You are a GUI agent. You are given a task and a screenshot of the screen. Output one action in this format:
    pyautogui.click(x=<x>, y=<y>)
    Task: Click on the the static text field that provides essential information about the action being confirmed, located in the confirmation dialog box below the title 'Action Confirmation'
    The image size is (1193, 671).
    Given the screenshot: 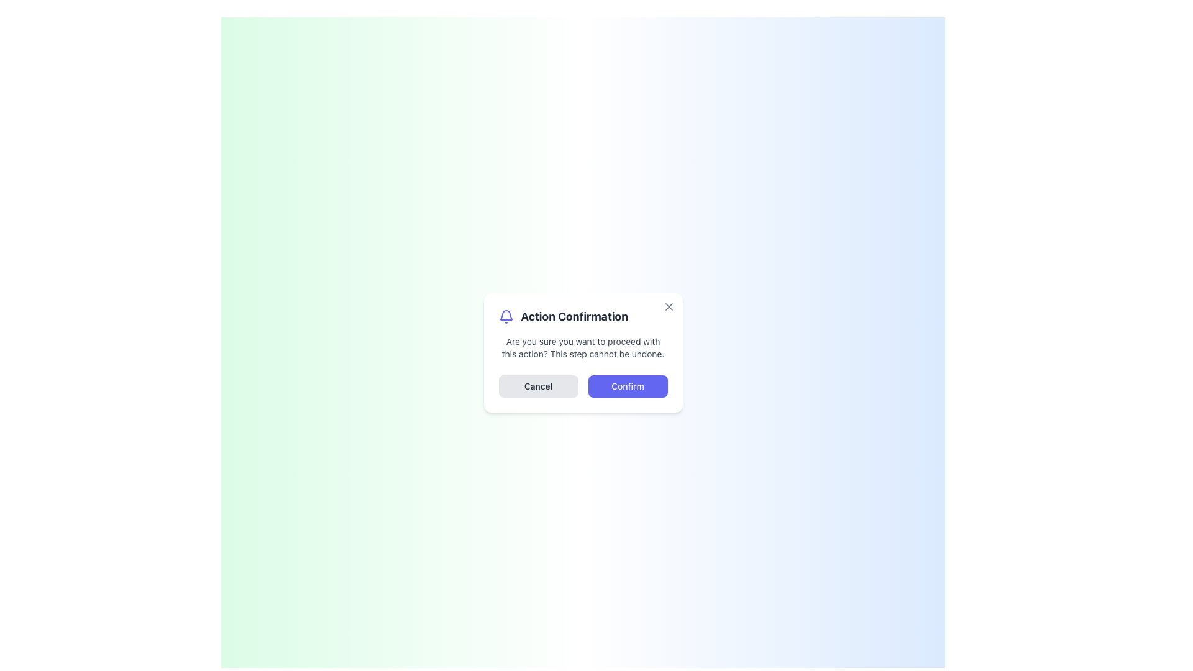 What is the action you would take?
    pyautogui.click(x=582, y=347)
    